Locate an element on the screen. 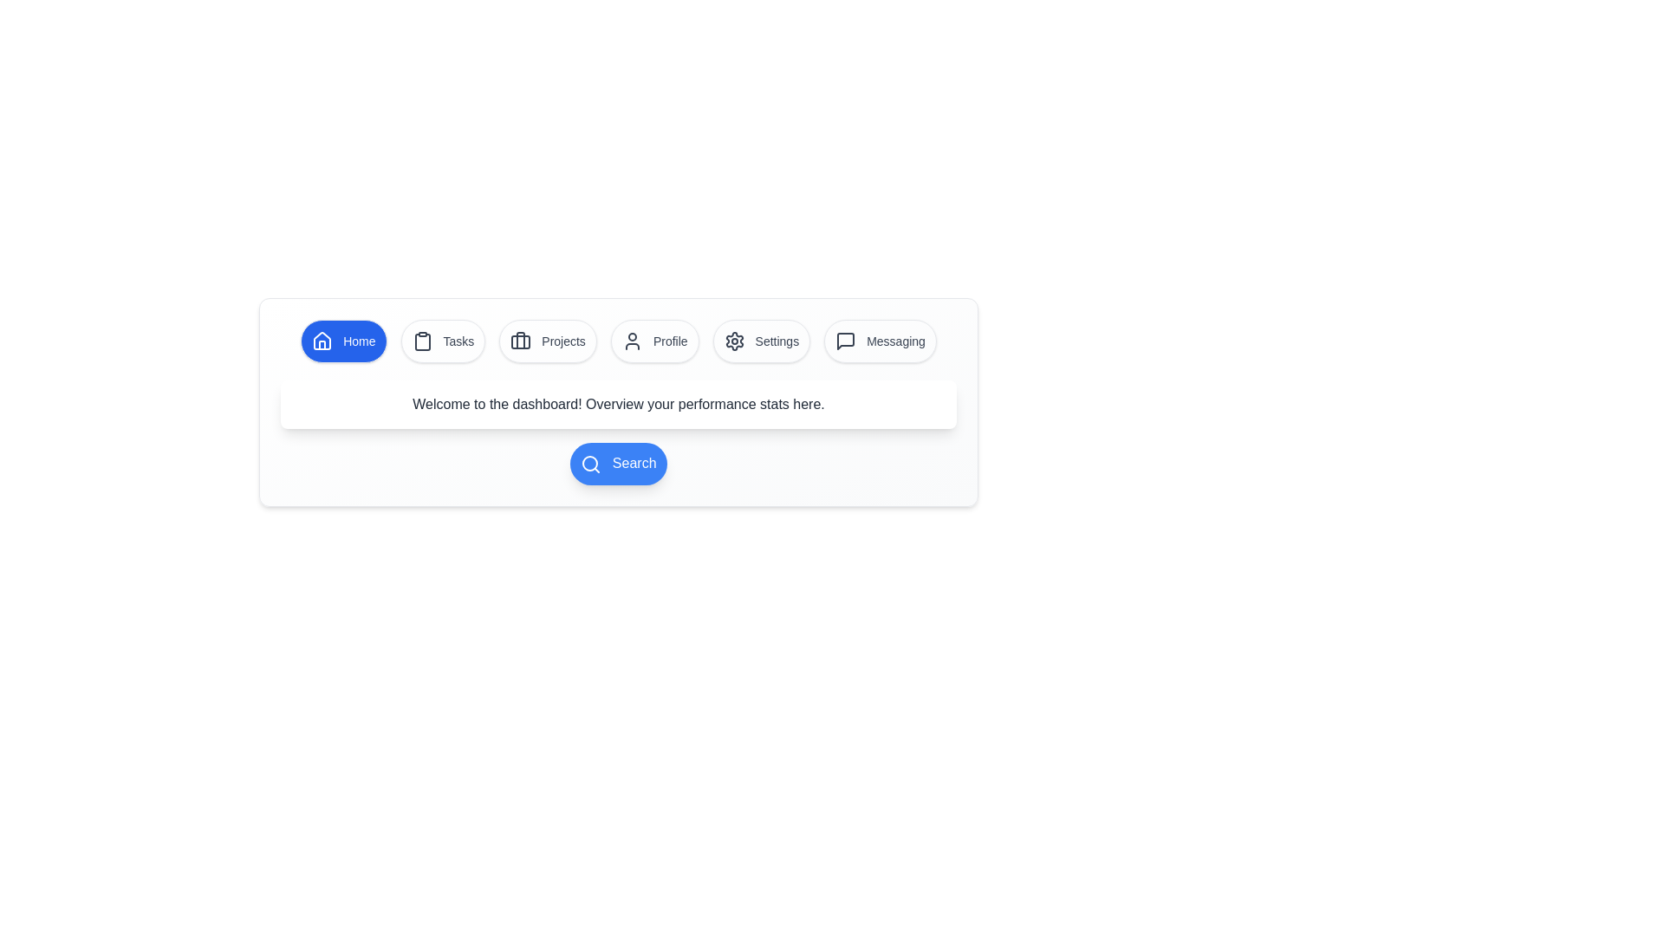  the settings icon located centrally within the 'Settings' button is located at coordinates (734, 341).